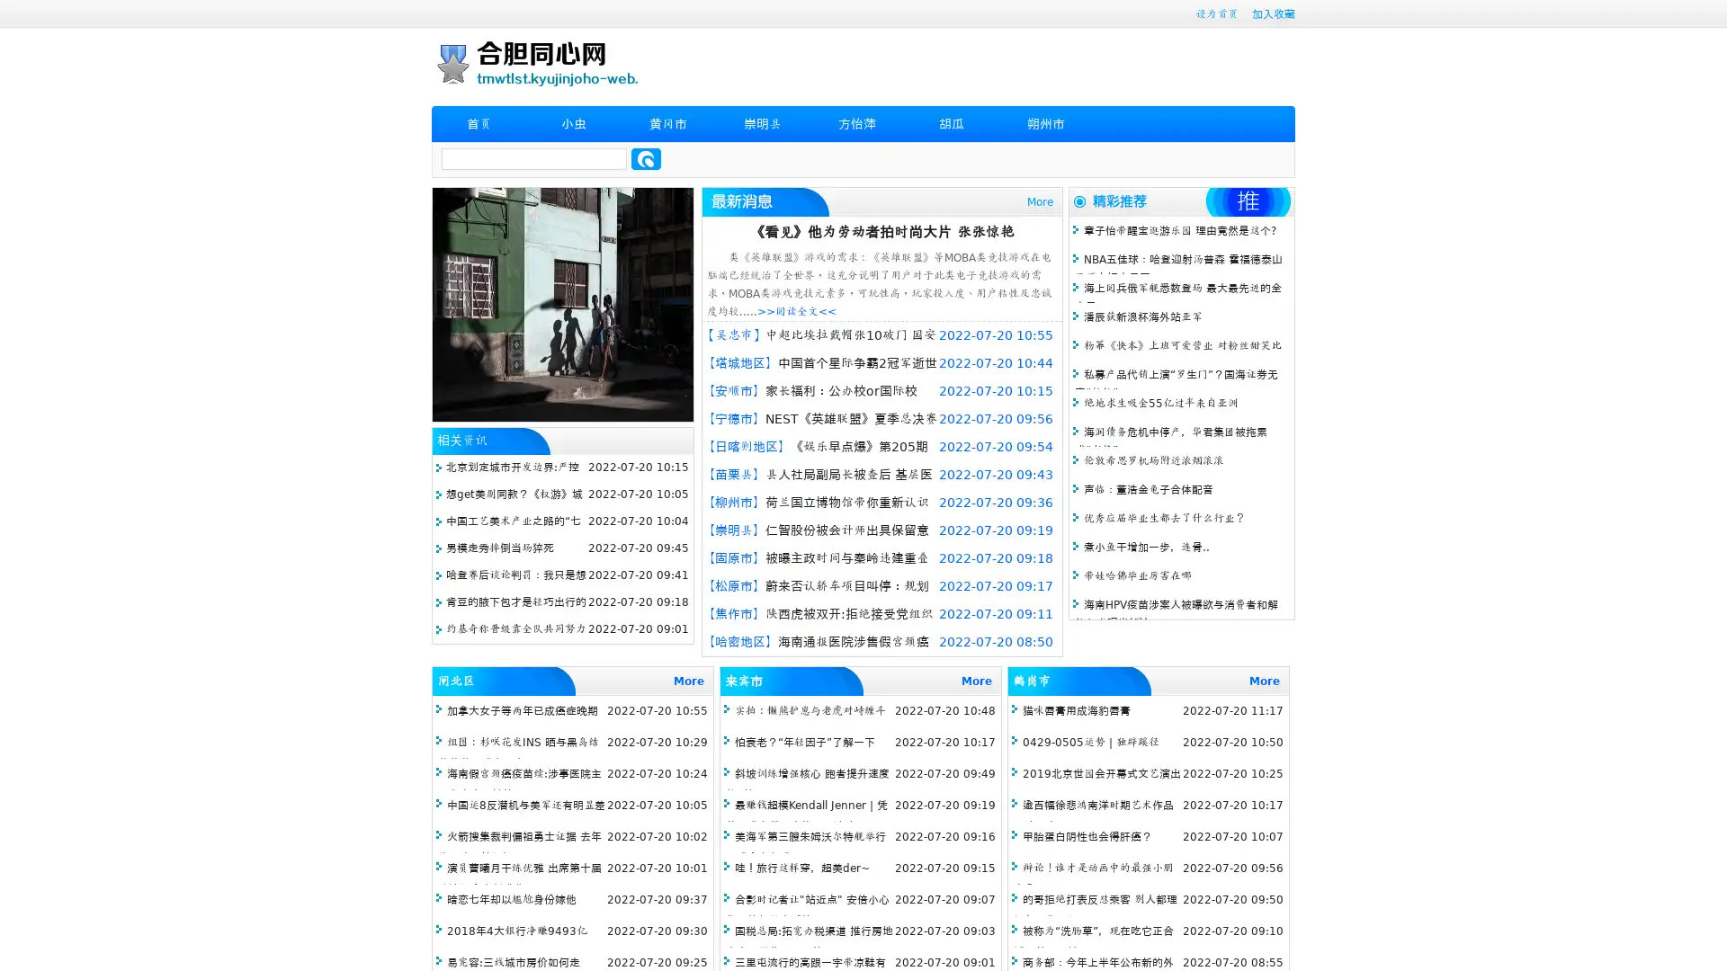  What do you see at coordinates (646, 158) in the screenshot?
I see `Search` at bounding box center [646, 158].